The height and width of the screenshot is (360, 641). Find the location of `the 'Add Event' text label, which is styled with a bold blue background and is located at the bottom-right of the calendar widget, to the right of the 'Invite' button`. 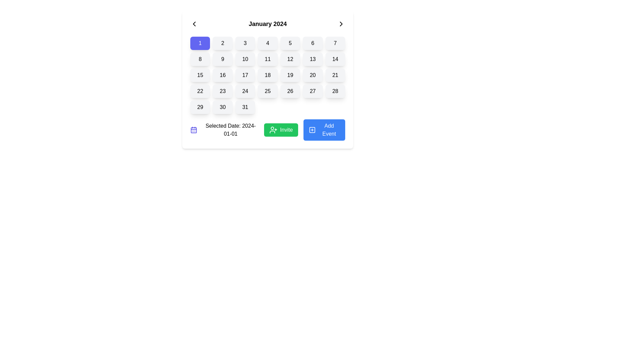

the 'Add Event' text label, which is styled with a bold blue background and is located at the bottom-right of the calendar widget, to the right of the 'Invite' button is located at coordinates (329, 130).